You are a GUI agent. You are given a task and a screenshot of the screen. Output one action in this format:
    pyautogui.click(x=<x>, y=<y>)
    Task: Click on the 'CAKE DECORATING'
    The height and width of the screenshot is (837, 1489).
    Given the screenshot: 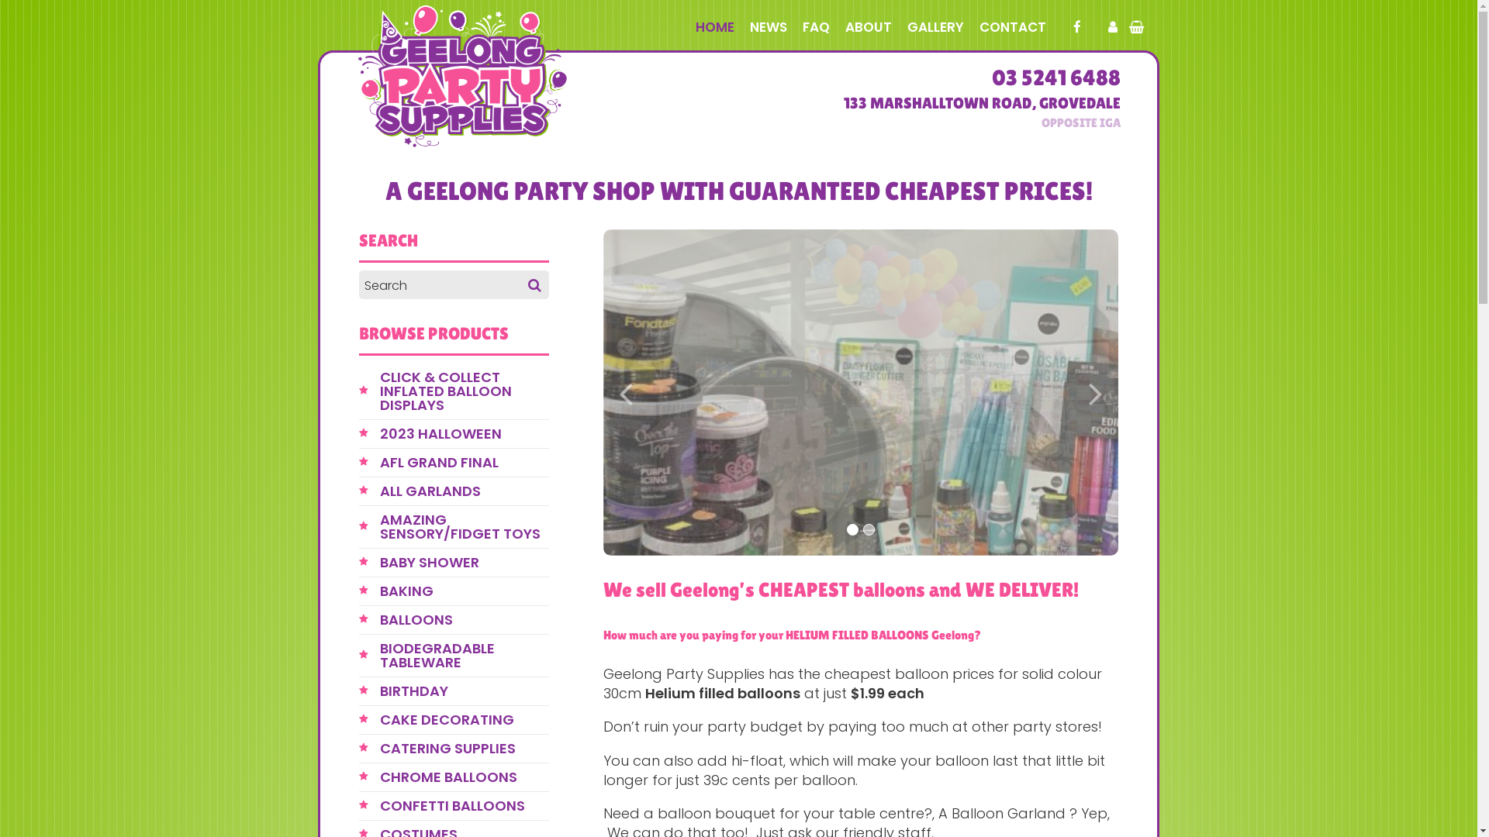 What is the action you would take?
    pyautogui.click(x=464, y=720)
    